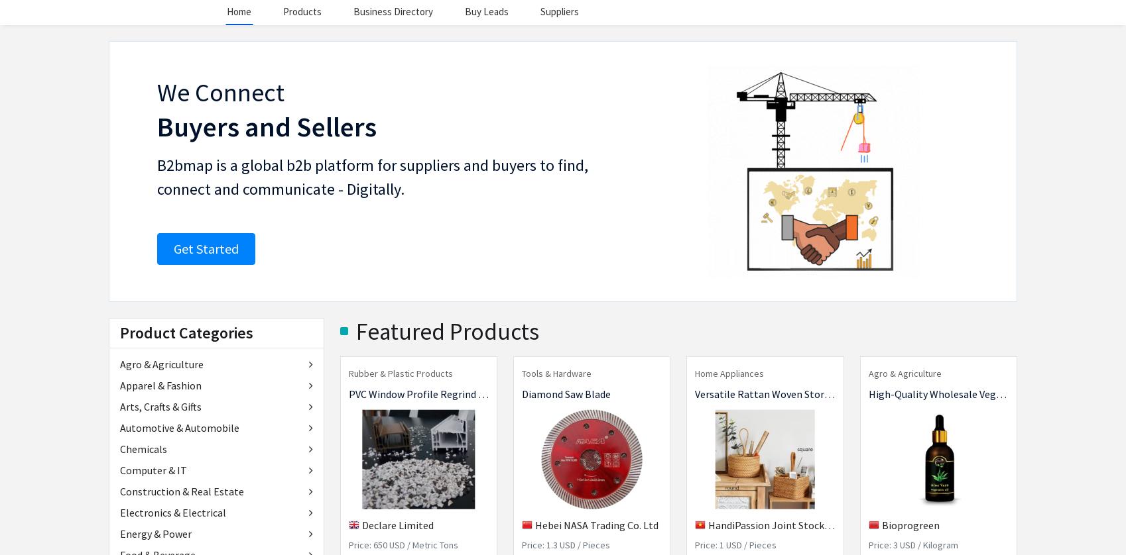 The image size is (1126, 555). Describe the element at coordinates (559, 450) in the screenshot. I see `'Buy Requirement for Сotton Bags, Jute Bags, and Aprons'` at that location.